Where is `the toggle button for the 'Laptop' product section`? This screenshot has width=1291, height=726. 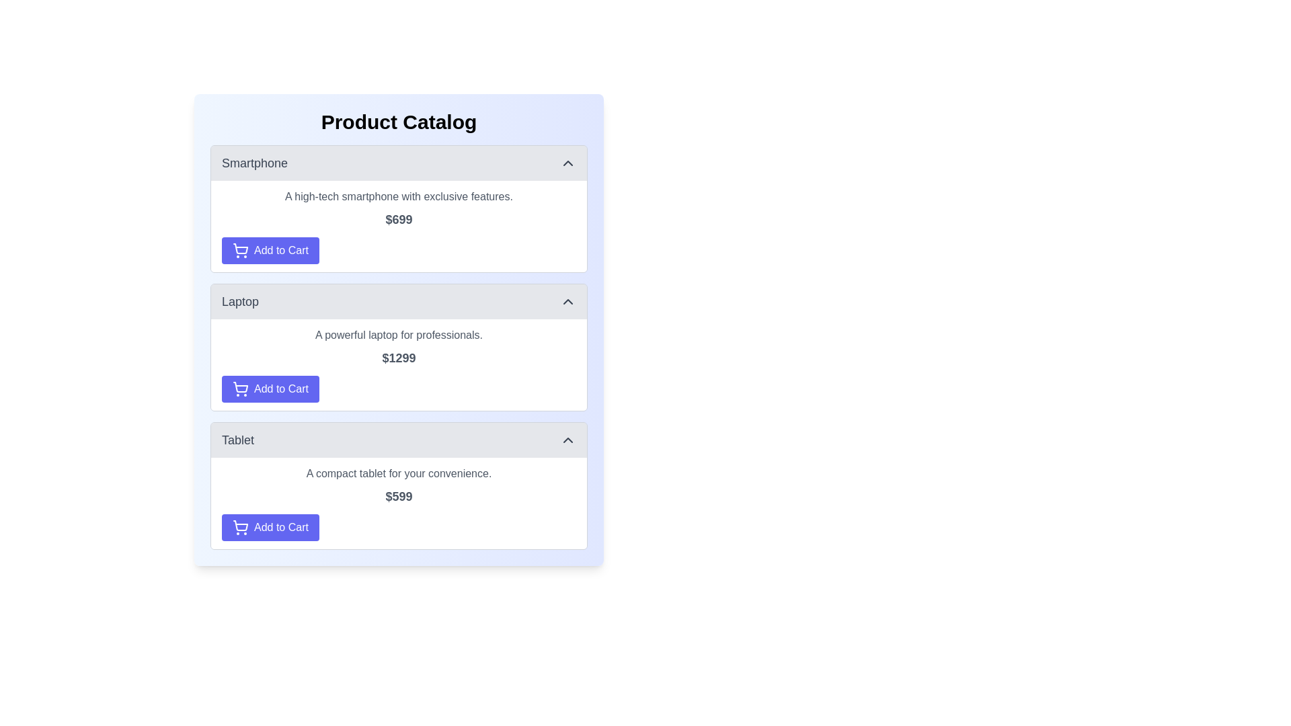 the toggle button for the 'Laptop' product section is located at coordinates (398, 300).